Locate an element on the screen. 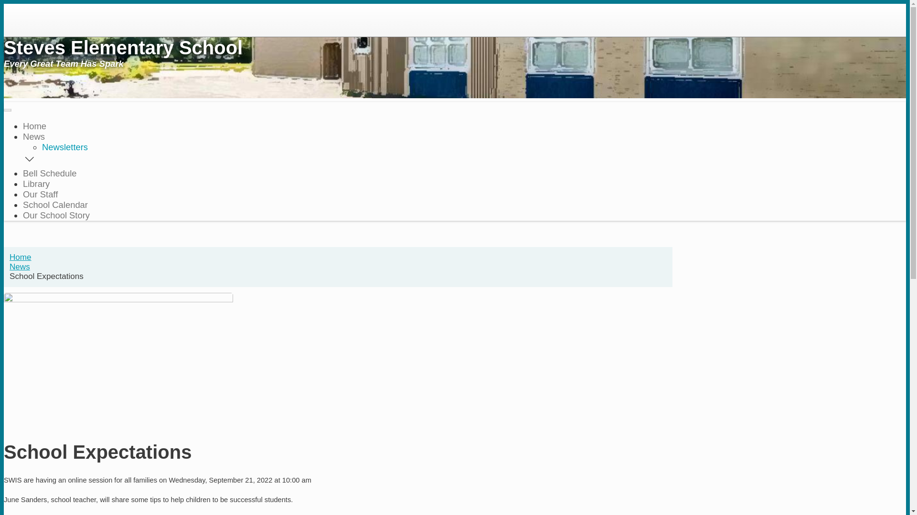 Image resolution: width=917 pixels, height=515 pixels. 'Skip to main content' is located at coordinates (449, 5).